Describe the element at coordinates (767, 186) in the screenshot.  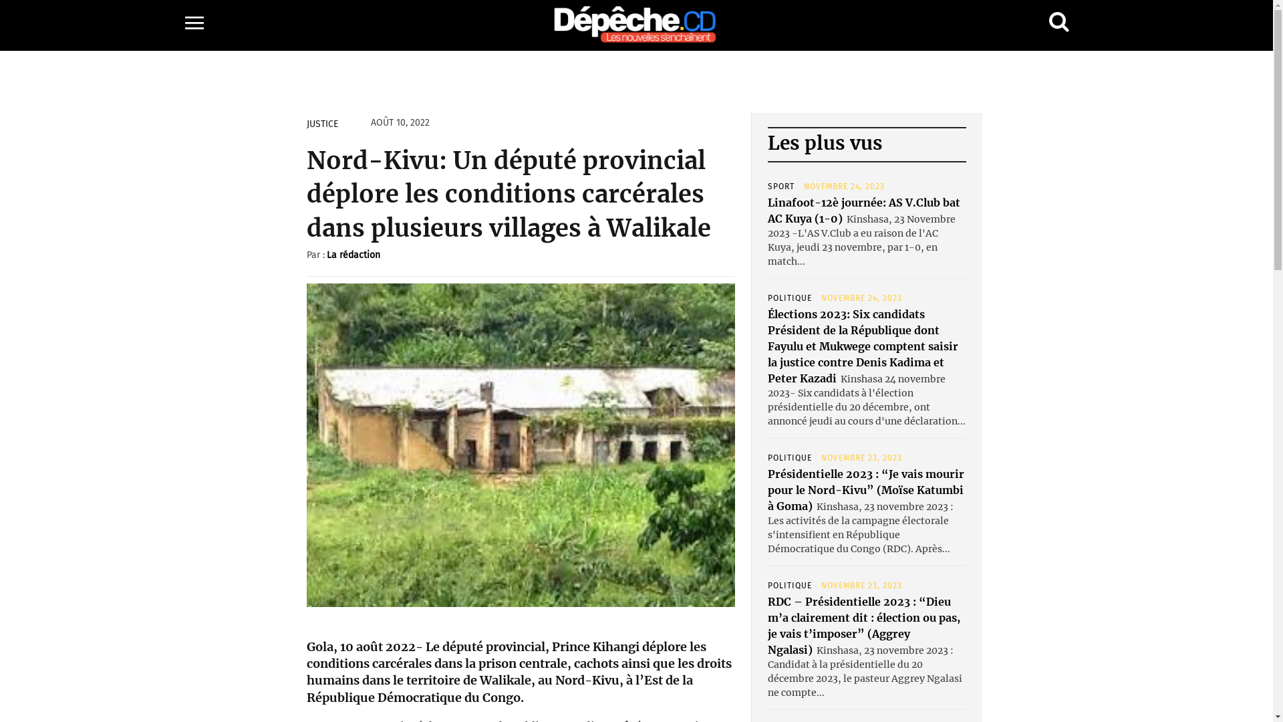
I see `'SPORT'` at that location.